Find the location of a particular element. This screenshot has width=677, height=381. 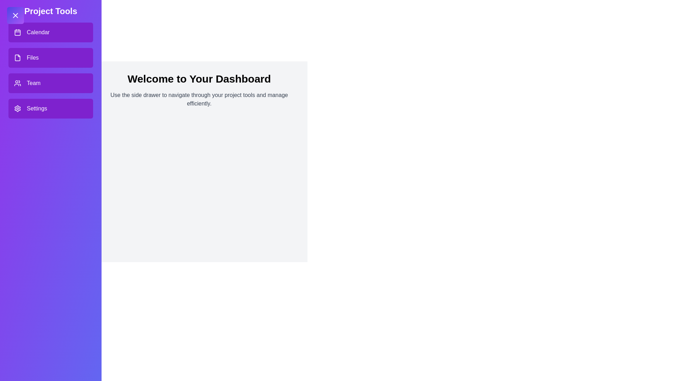

the tool Team in the drawer to select it is located at coordinates (50, 83).